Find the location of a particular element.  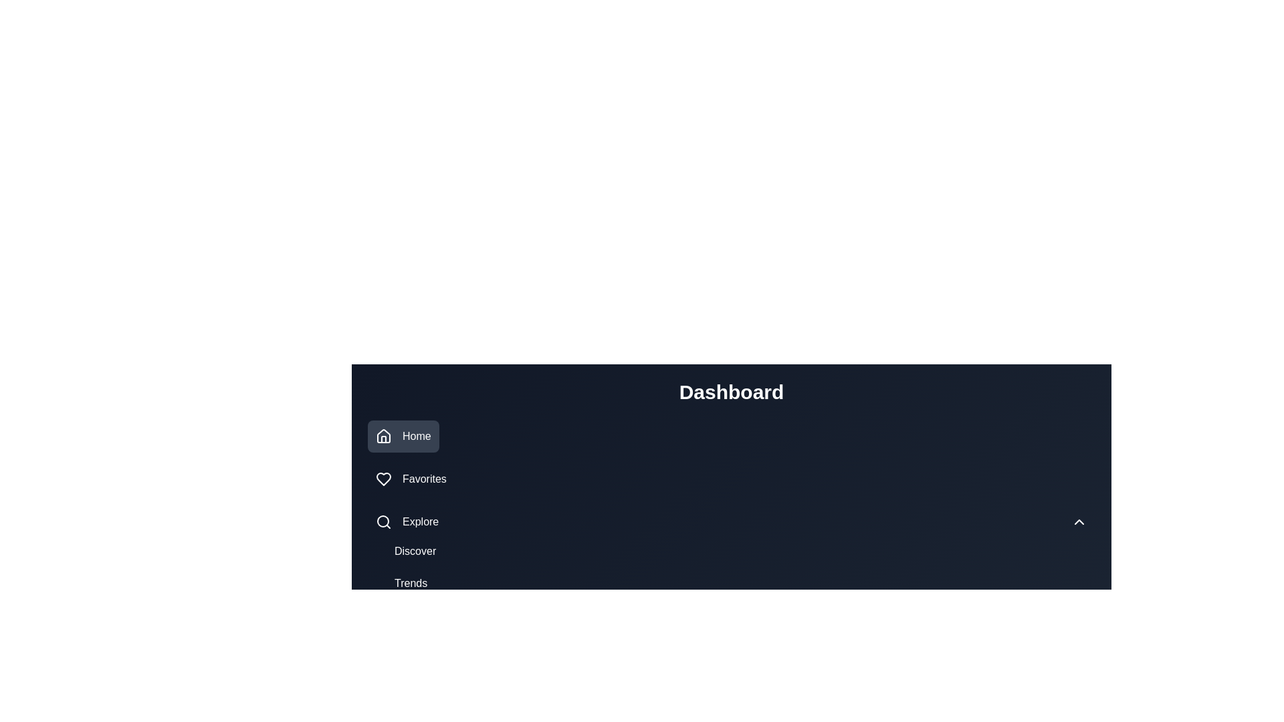

the 'Home' button, which is styled with a gray background, rounded corners, and contains a house icon followed by the text 'Home', located at the top of the left sidebar menu is located at coordinates (403, 436).